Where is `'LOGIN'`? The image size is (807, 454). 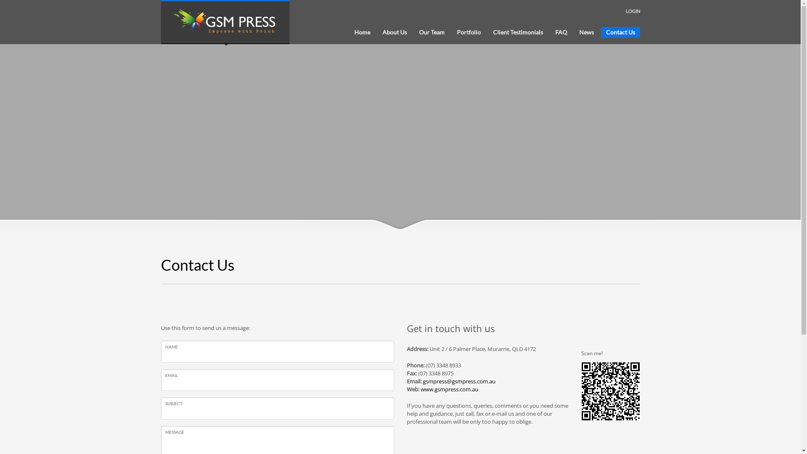 'LOGIN' is located at coordinates (625, 11).